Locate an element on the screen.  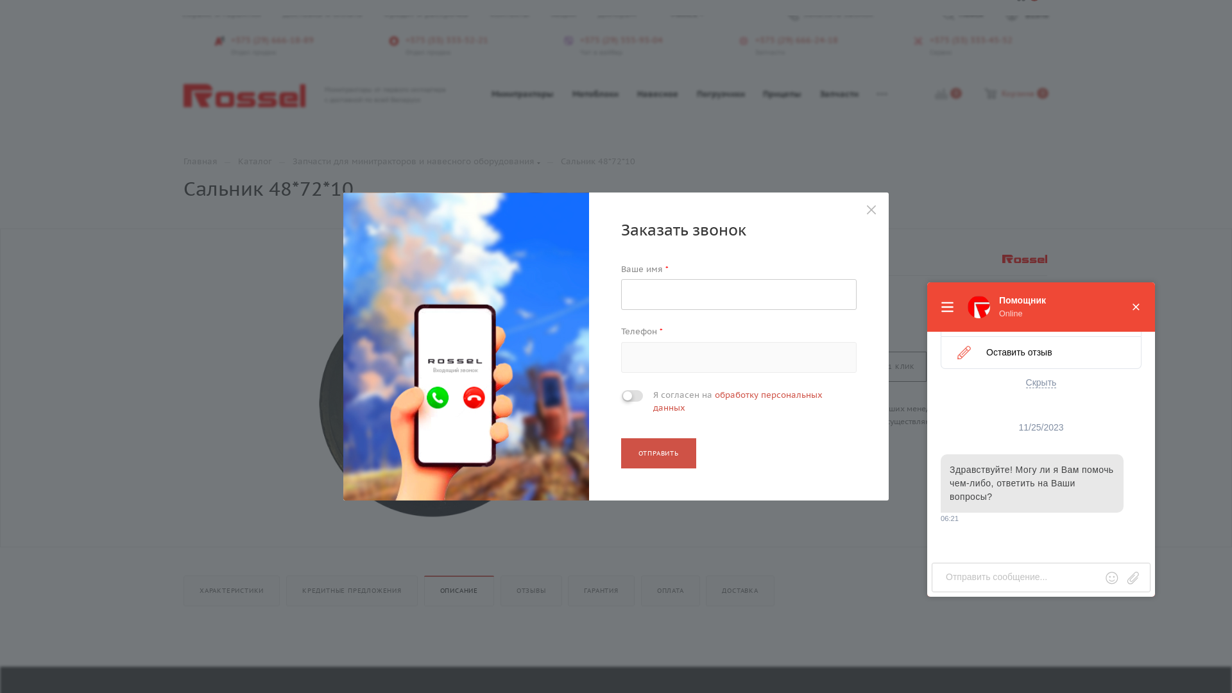
'rossel.by' is located at coordinates (244, 95).